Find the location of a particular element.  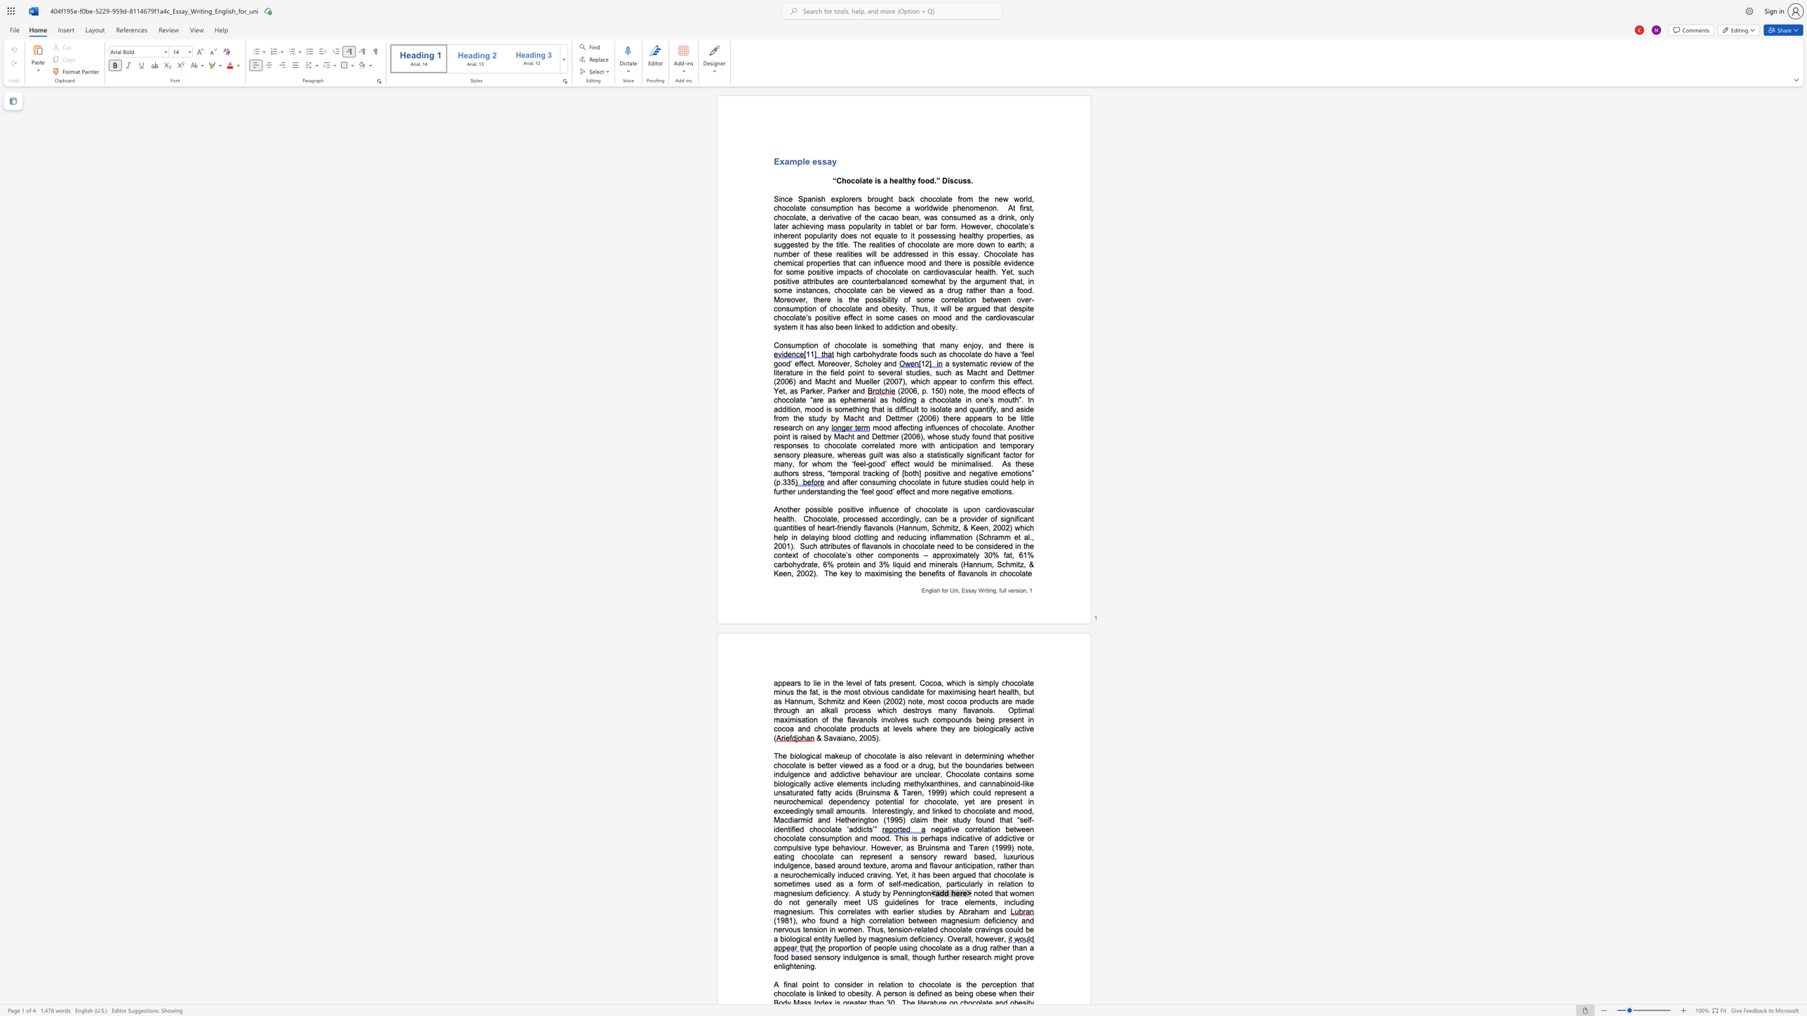

the subset text "7), wh" within the text "a systematic review of the literature in the field point to several studies, such as Macht and Dettmer (2006) and Macht and Mueller (2007), which" is located at coordinates (898, 381).